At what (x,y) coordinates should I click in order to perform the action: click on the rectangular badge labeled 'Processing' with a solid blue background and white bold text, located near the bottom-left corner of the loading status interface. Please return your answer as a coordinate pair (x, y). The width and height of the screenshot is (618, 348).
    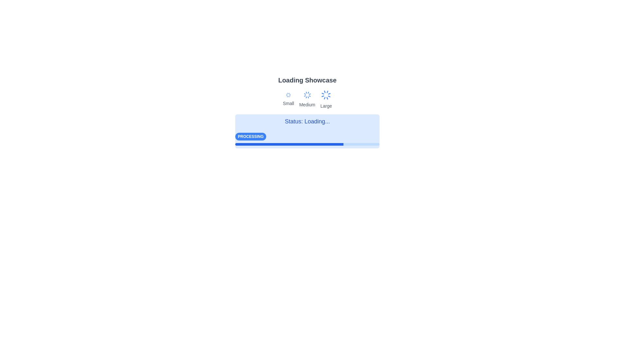
    Looking at the image, I should click on (250, 136).